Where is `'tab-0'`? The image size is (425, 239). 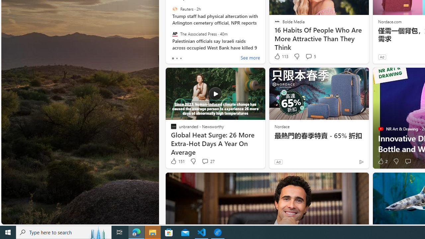 'tab-0' is located at coordinates (173, 58).